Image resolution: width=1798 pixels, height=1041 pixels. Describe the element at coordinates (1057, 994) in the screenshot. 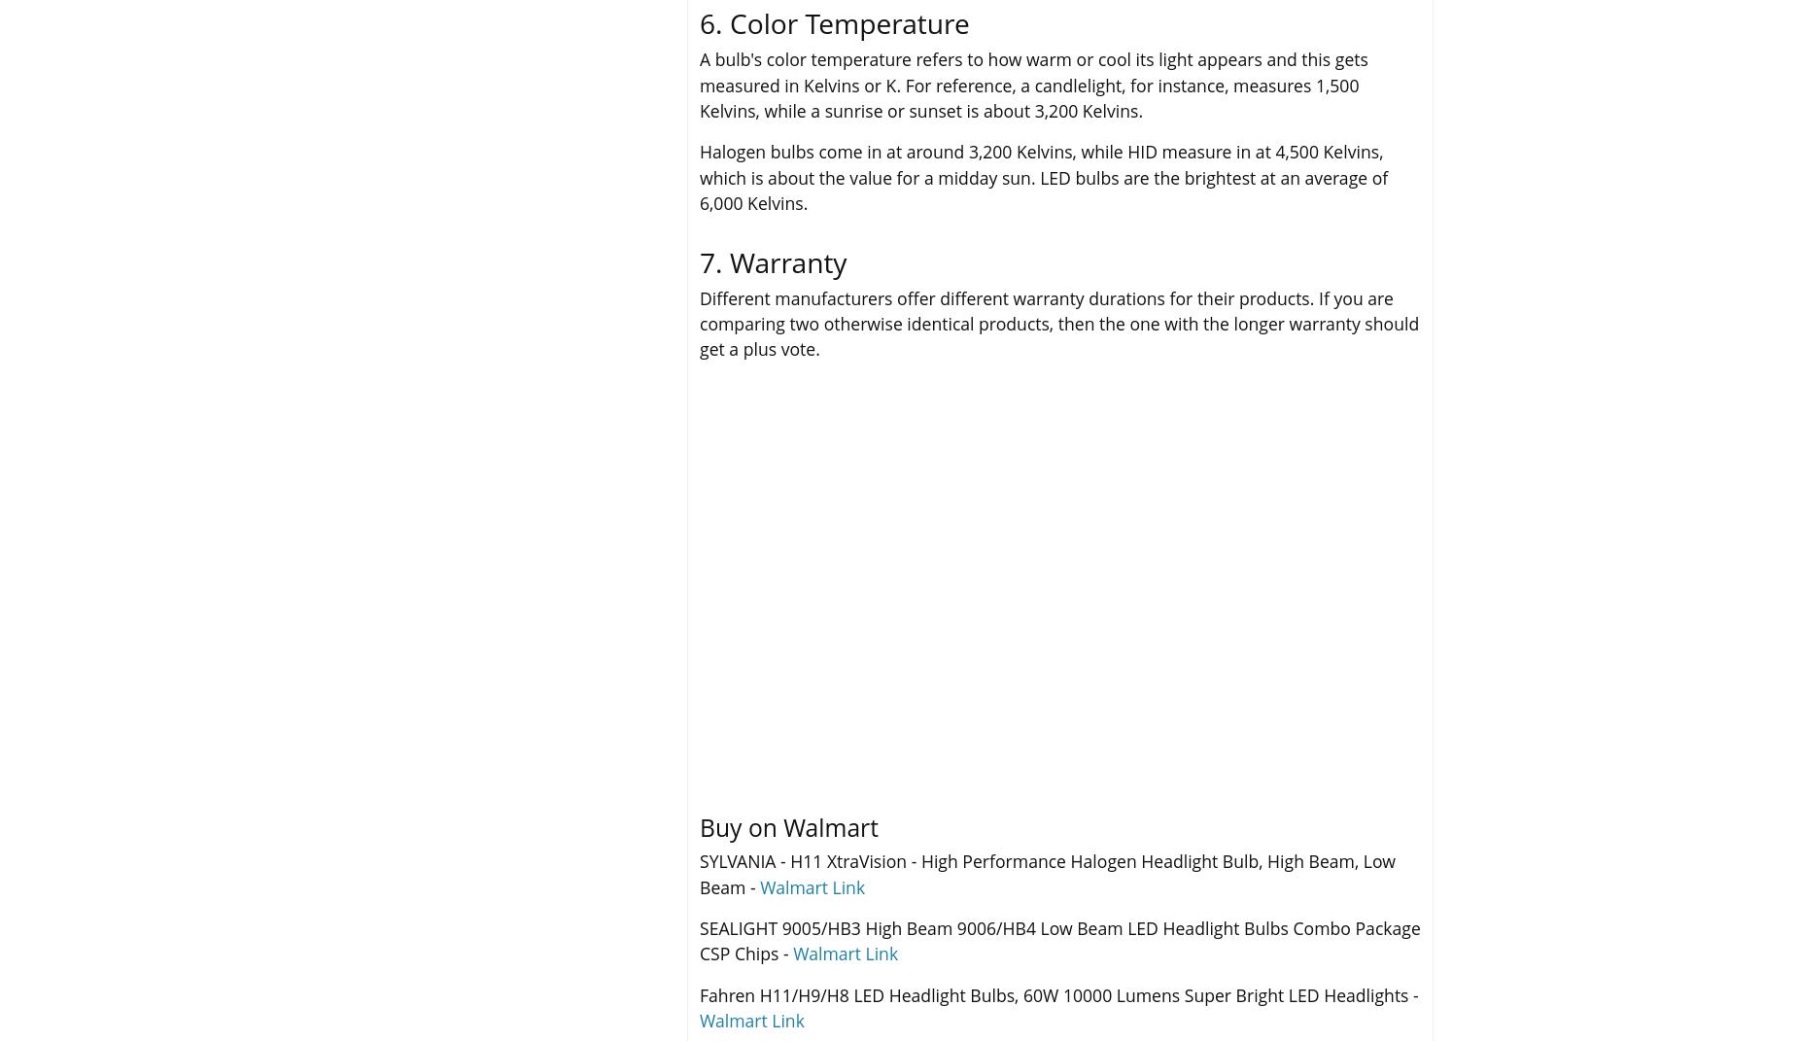

I see `'Fahren H11/H9/H8 LED Headlight Bulbs, 60W 10000 Lumens Super Bright LED Headlights -'` at that location.